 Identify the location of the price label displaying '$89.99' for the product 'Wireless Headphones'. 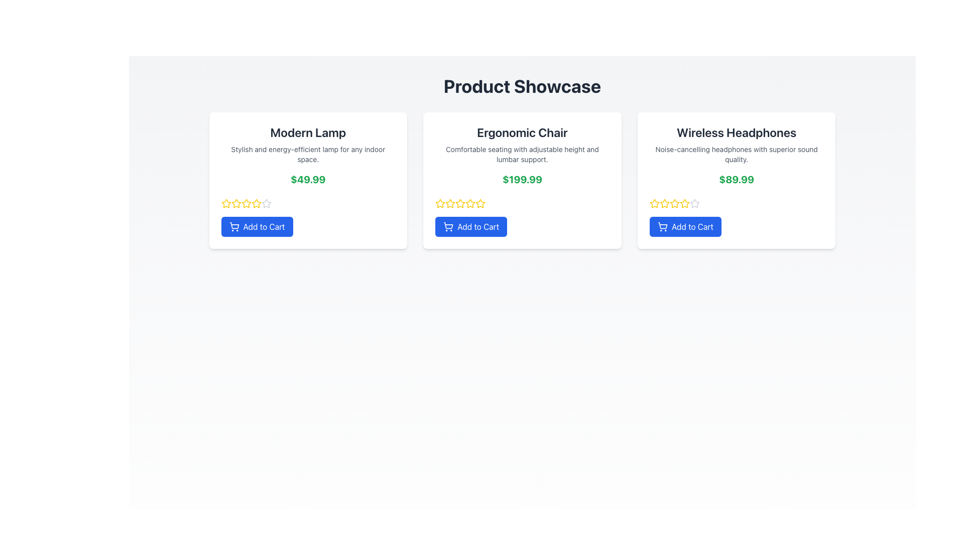
(737, 179).